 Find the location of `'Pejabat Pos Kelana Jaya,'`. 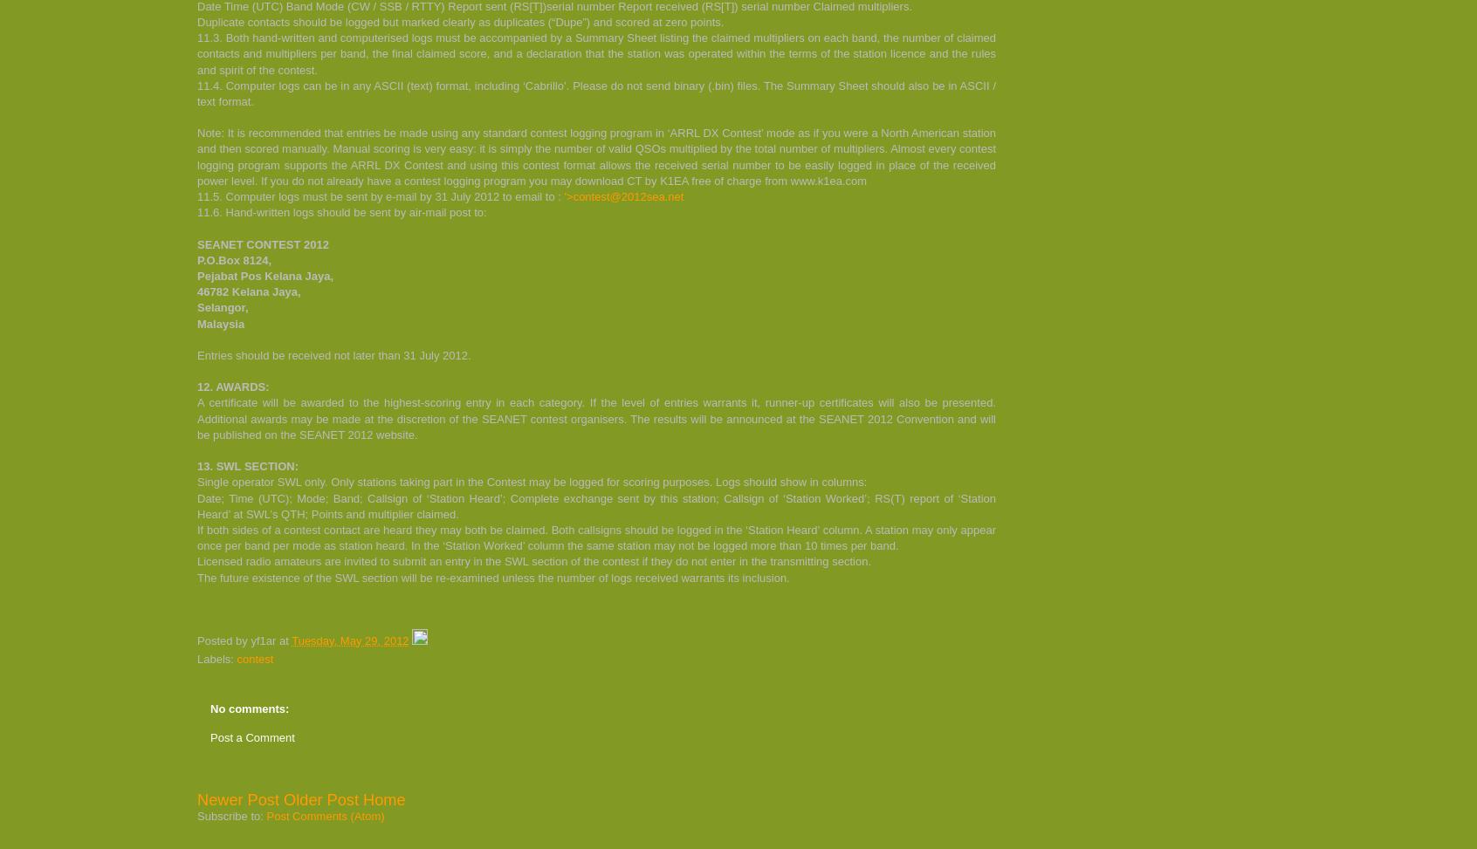

'Pejabat Pos Kelana Jaya,' is located at coordinates (264, 275).